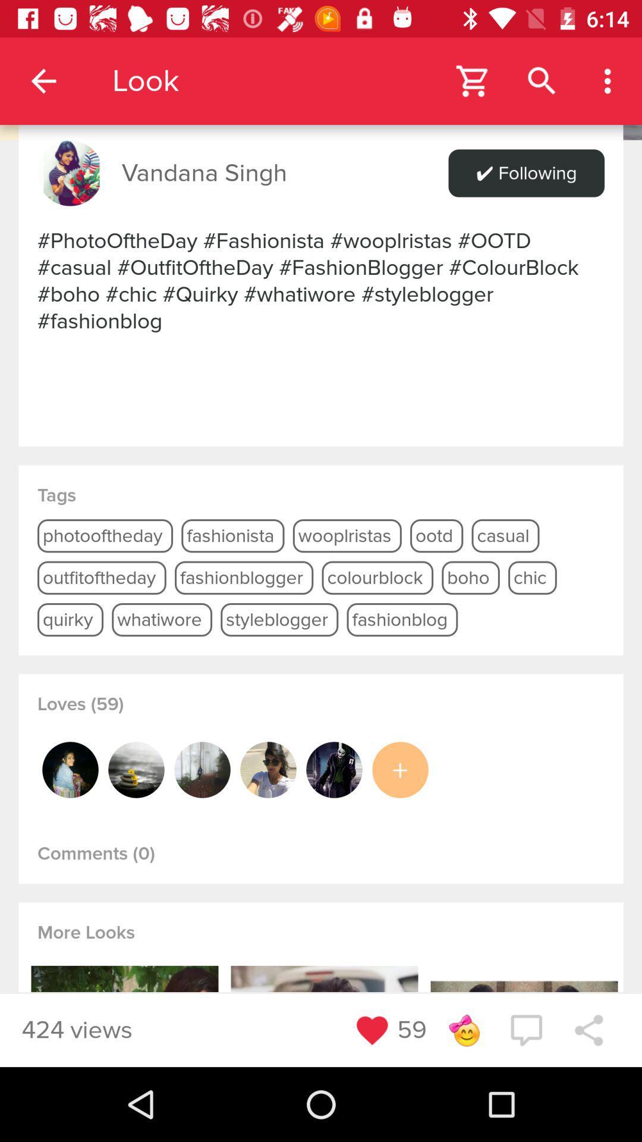  I want to click on the smiley, so click(463, 1030).